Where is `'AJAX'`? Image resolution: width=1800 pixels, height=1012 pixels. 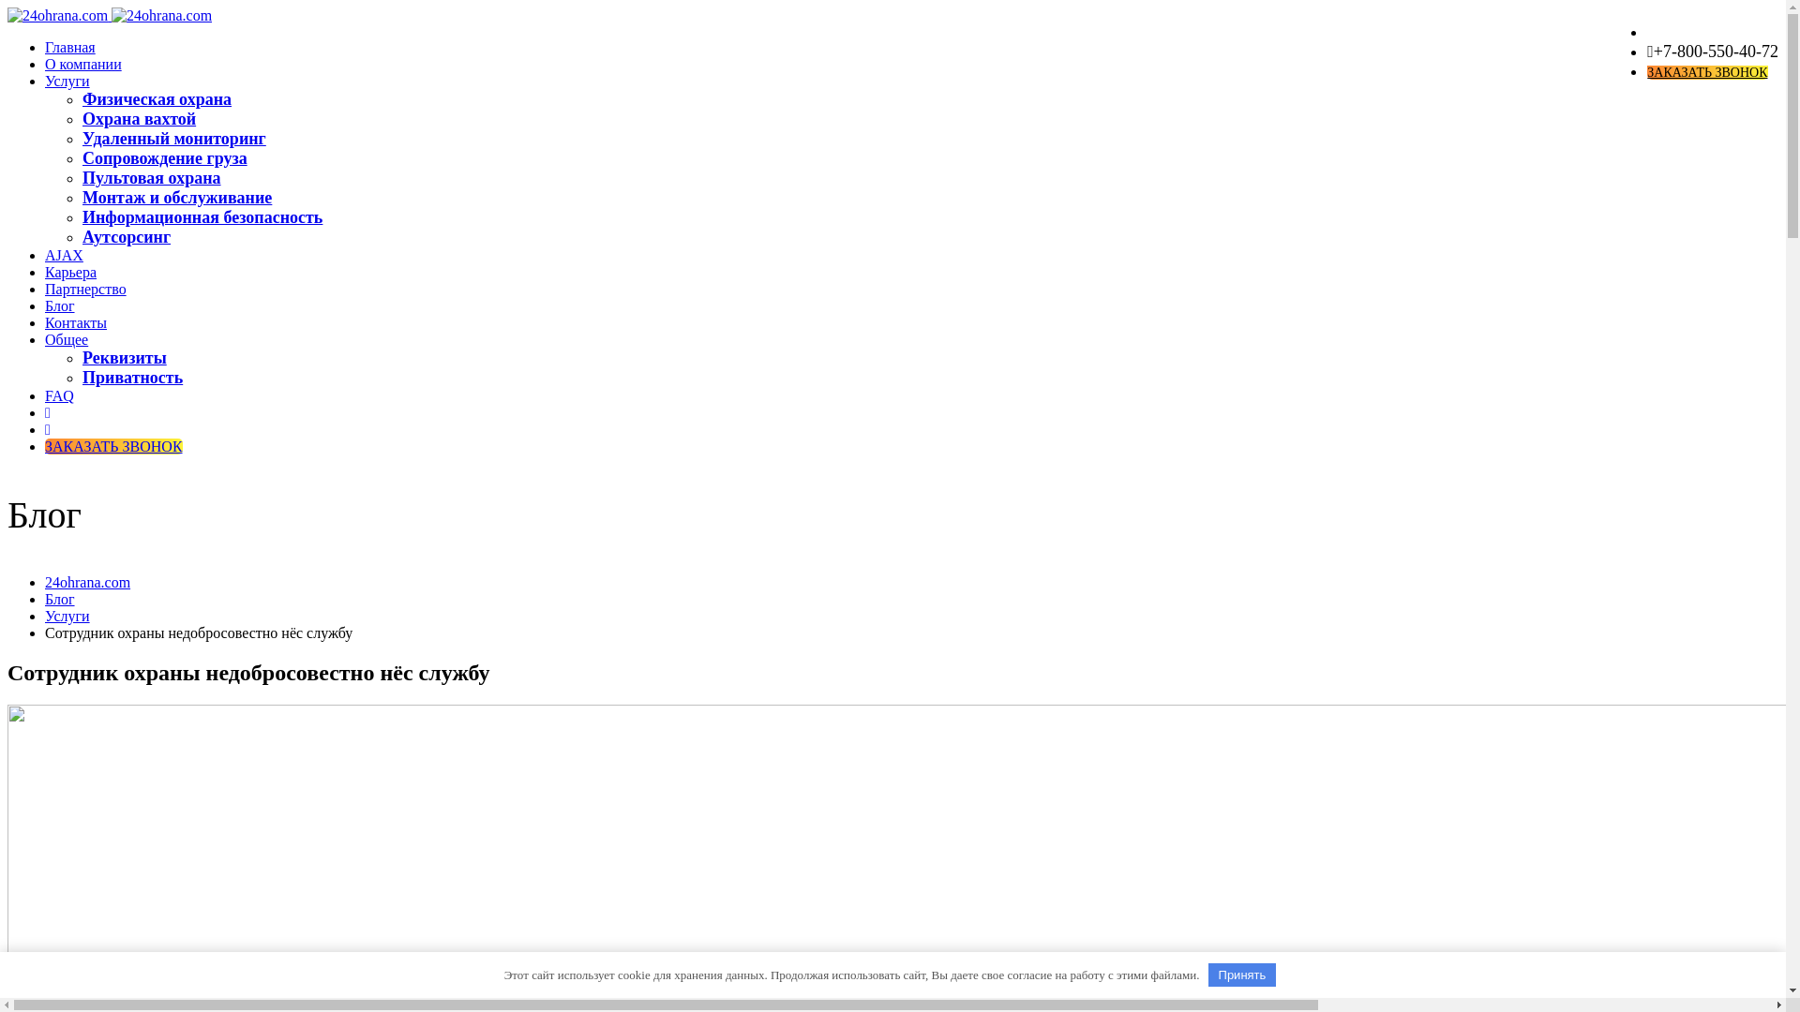
'AJAX' is located at coordinates (64, 255).